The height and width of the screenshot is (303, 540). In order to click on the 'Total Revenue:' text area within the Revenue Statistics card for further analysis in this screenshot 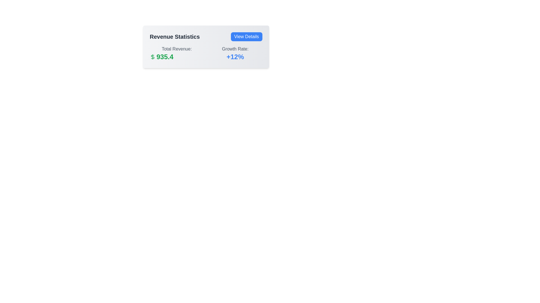, I will do `click(206, 46)`.